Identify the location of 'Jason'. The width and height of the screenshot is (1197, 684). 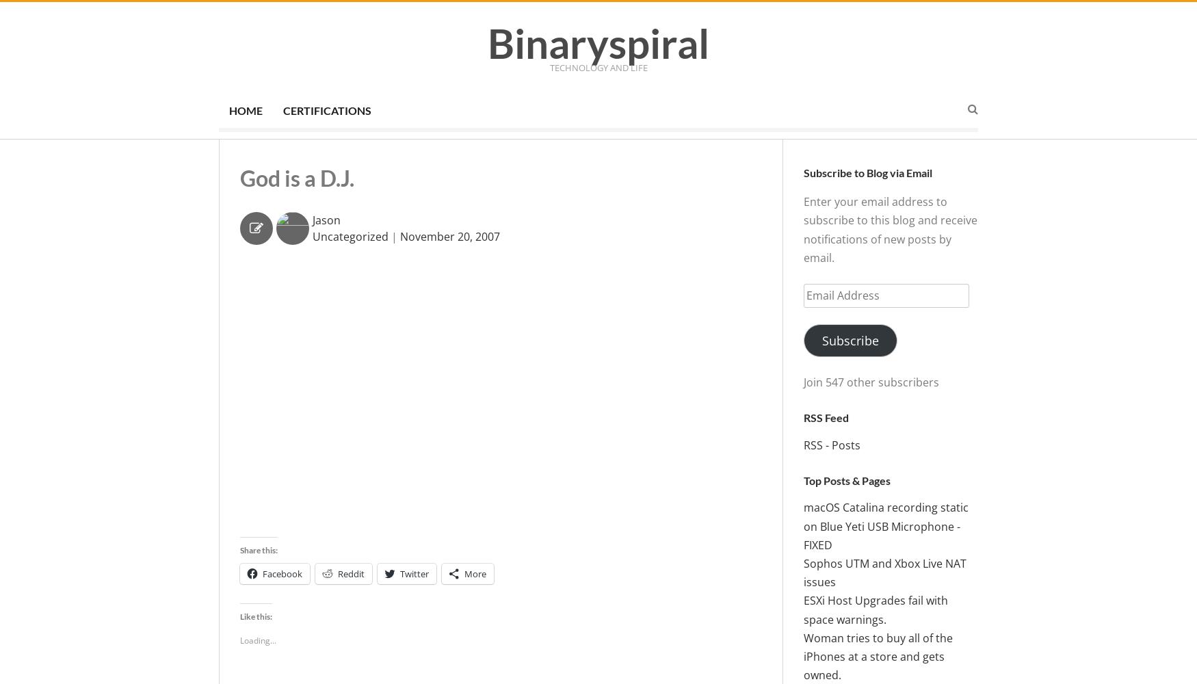
(326, 219).